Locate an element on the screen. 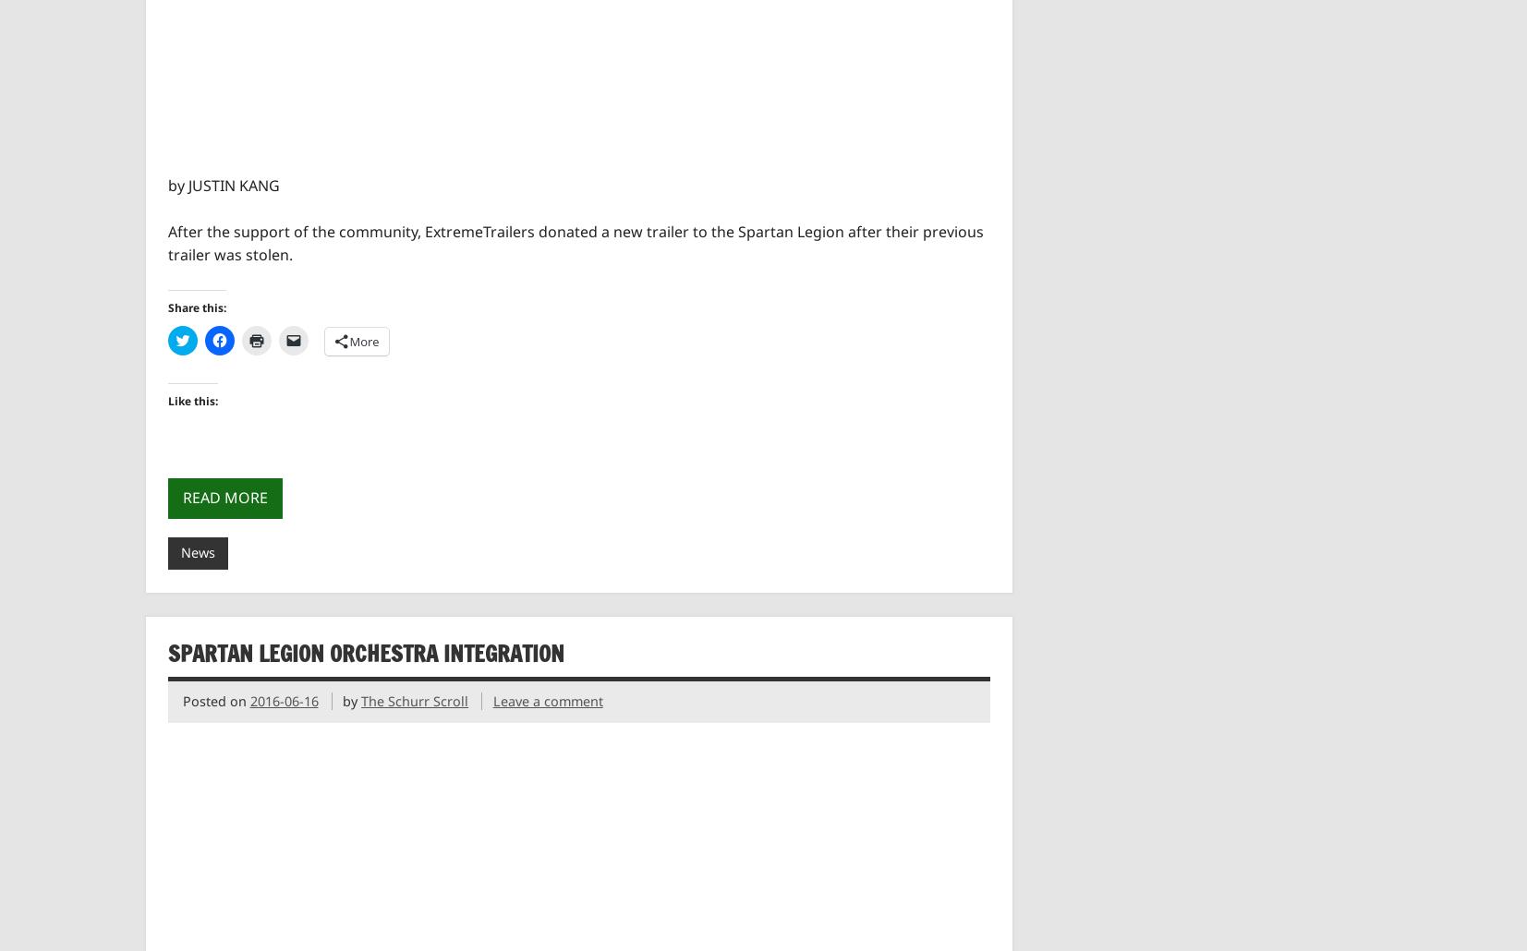  'Leave a comment' is located at coordinates (546, 701).